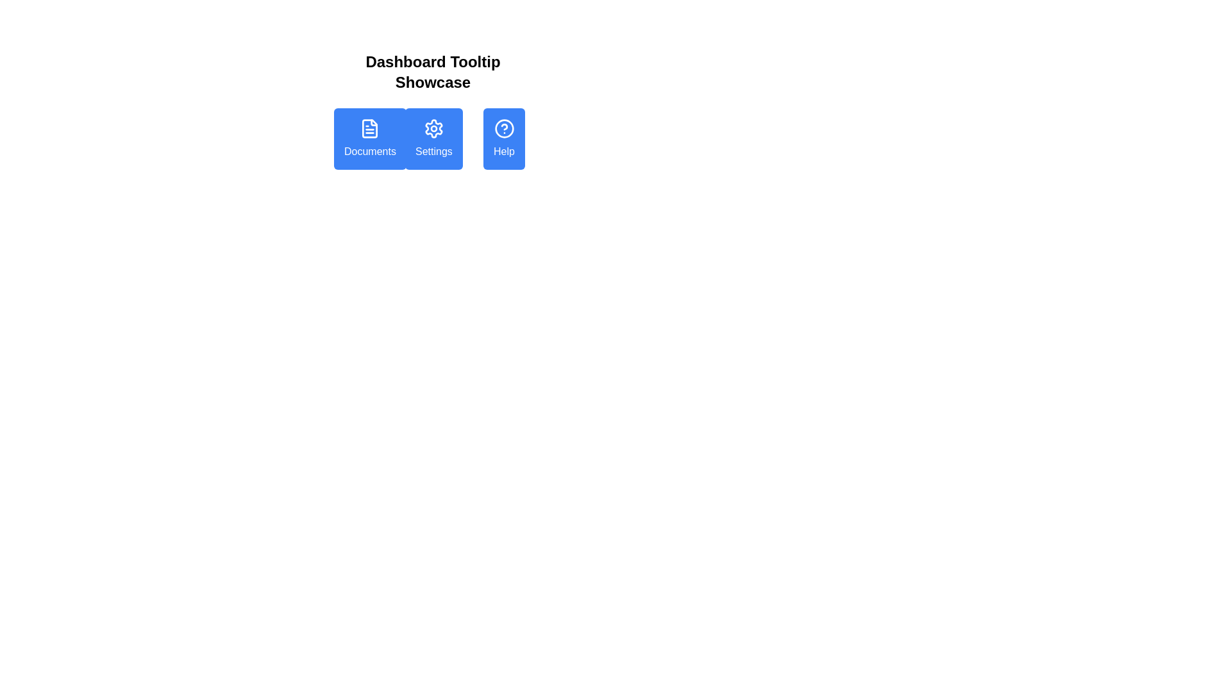 The height and width of the screenshot is (692, 1231). Describe the element at coordinates (433, 138) in the screenshot. I see `the 'Settings' button, which is a rectangular button with a blue background and white rounded text` at that location.